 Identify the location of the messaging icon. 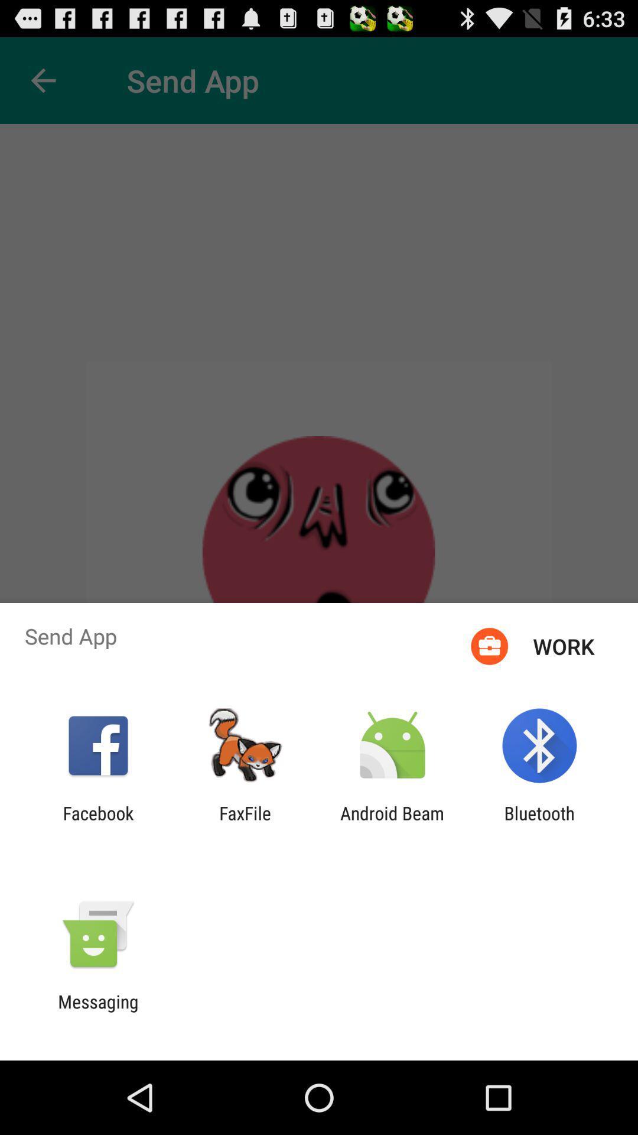
(97, 1011).